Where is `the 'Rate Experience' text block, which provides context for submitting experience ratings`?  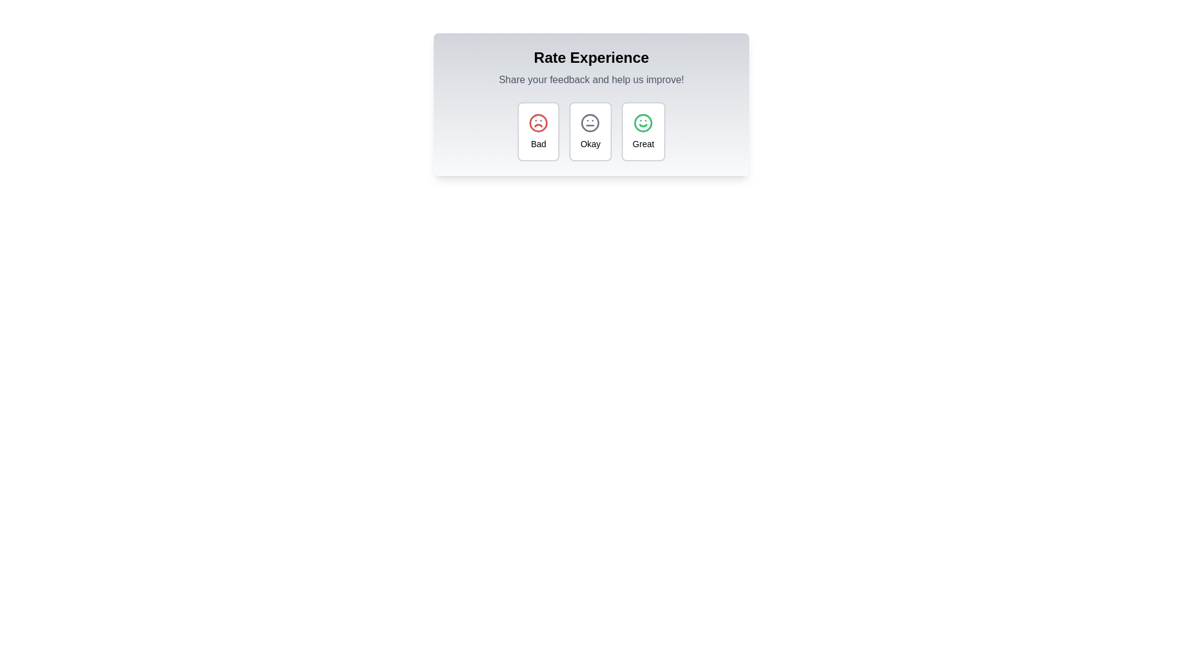
the 'Rate Experience' text block, which provides context for submitting experience ratings is located at coordinates (591, 68).